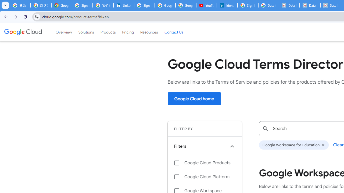  Describe the element at coordinates (248, 5) in the screenshot. I see `'Sign in - Google Accounts'` at that location.